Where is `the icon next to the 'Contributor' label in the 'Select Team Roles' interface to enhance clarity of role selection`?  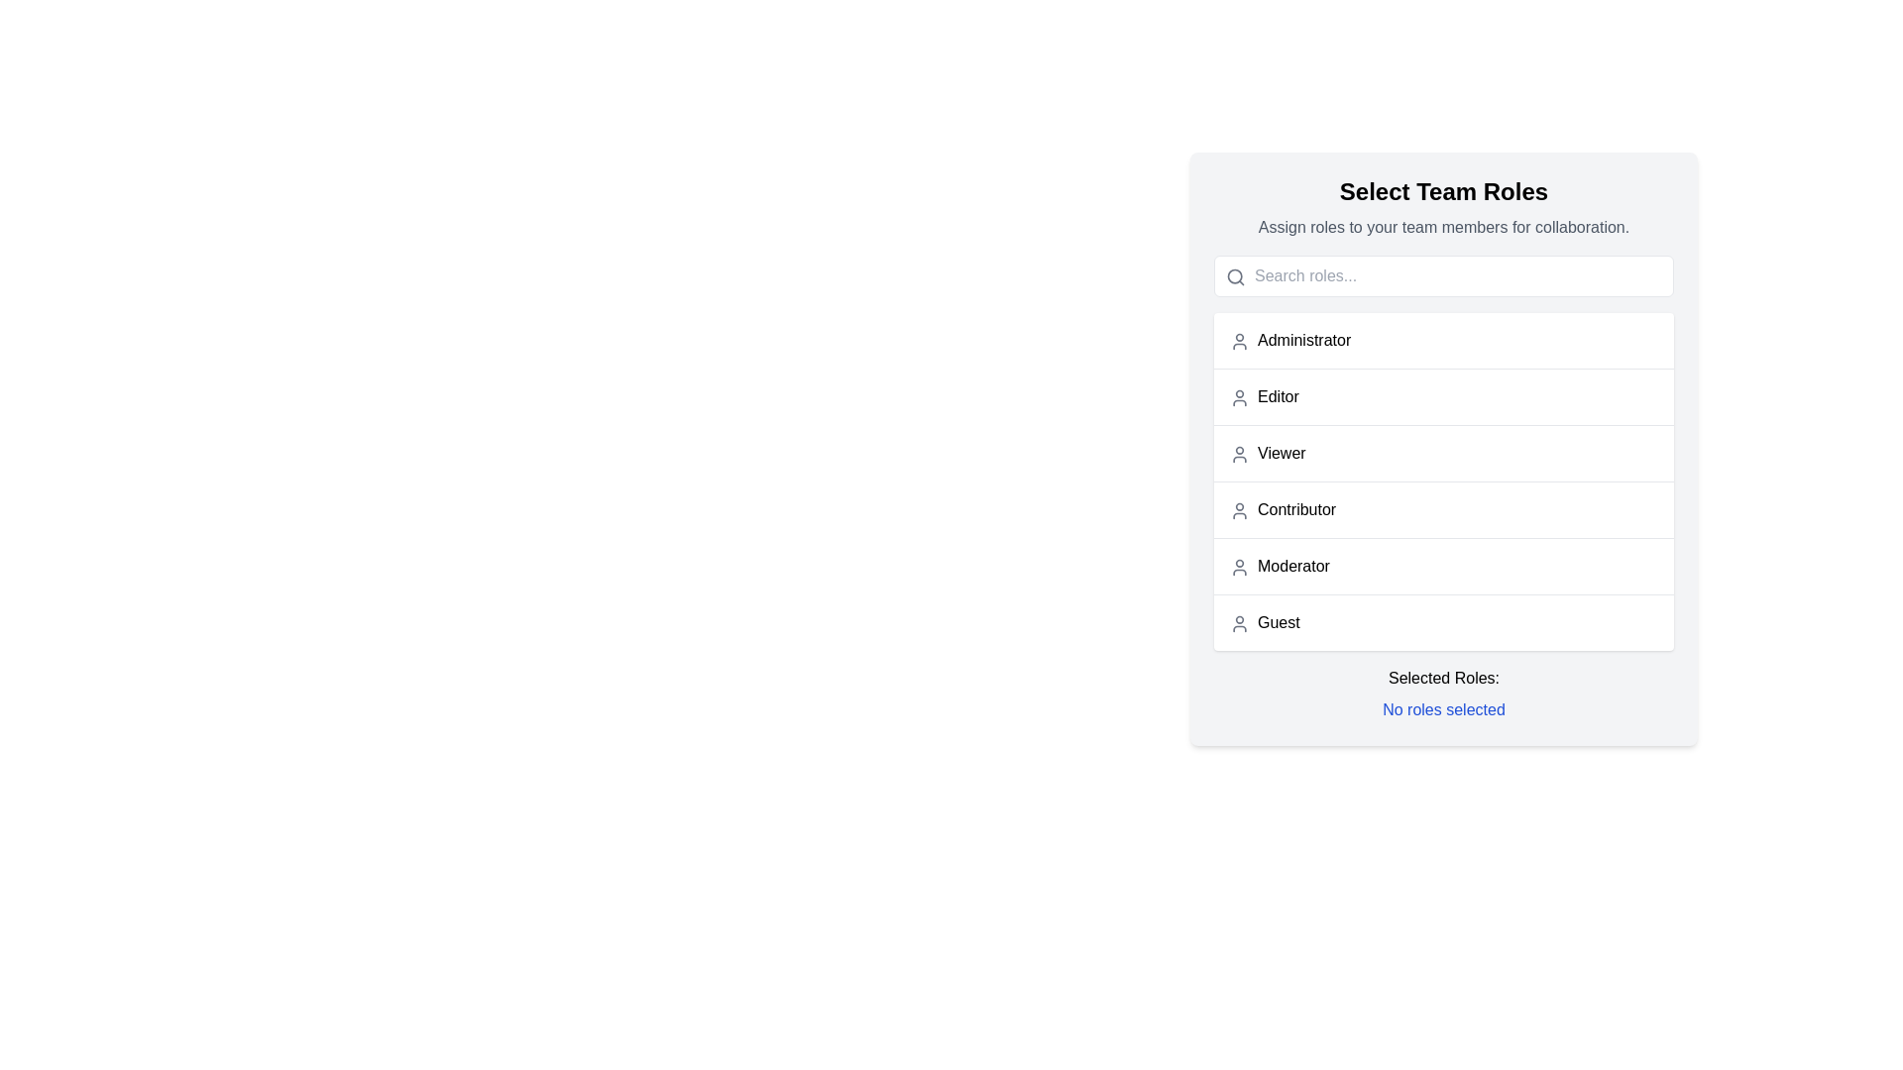
the icon next to the 'Contributor' label in the 'Select Team Roles' interface to enhance clarity of role selection is located at coordinates (1239, 509).